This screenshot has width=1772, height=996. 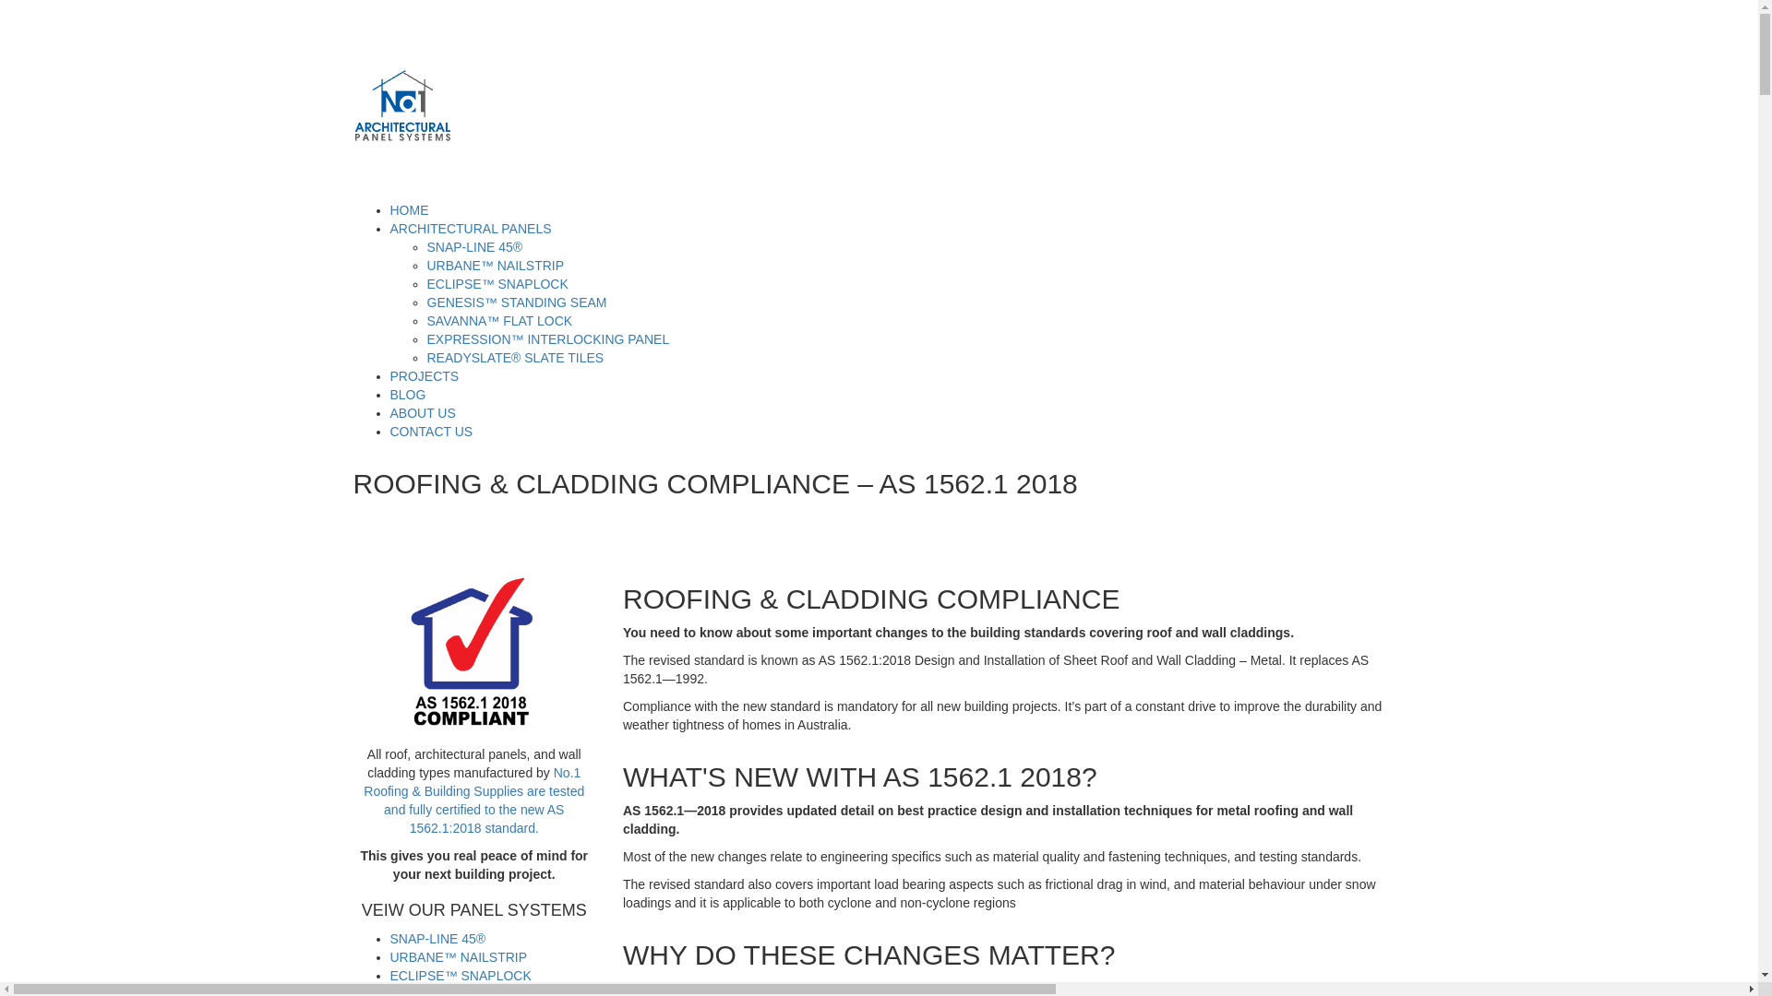 I want to click on 'AS1562.1-2018-Compliant-Roofing-Cladding', so click(x=473, y=649).